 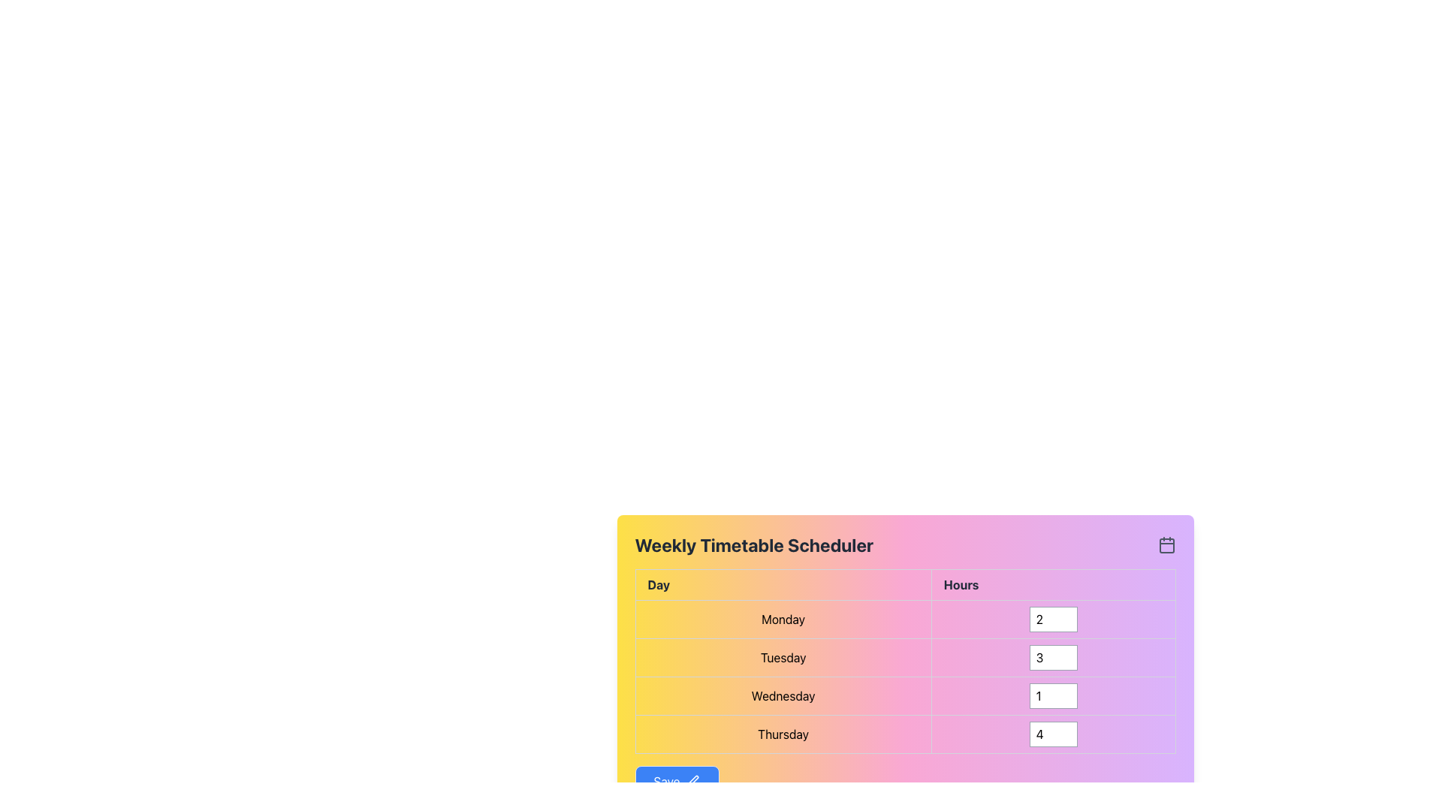 I want to click on the table cell in the second row under the 'Day' column, which indicates the day of the week, specifically the cell below 'Monday' and to the left of '3', so click(x=783, y=656).